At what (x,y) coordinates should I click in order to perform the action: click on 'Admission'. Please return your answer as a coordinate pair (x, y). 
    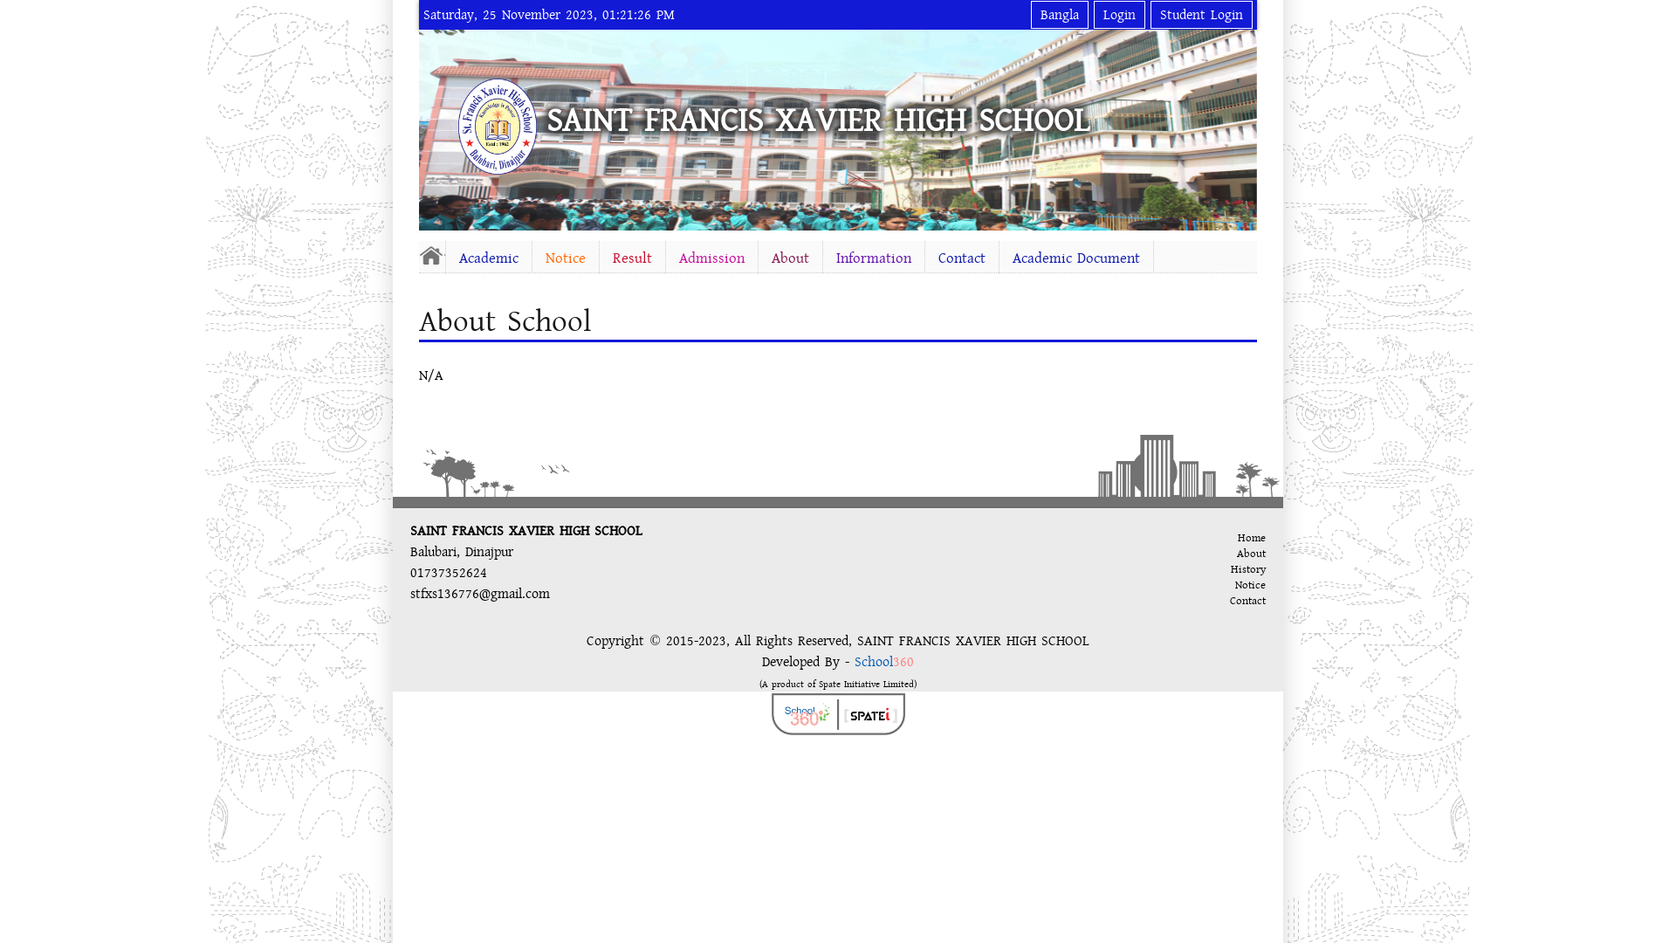
    Looking at the image, I should click on (711, 258).